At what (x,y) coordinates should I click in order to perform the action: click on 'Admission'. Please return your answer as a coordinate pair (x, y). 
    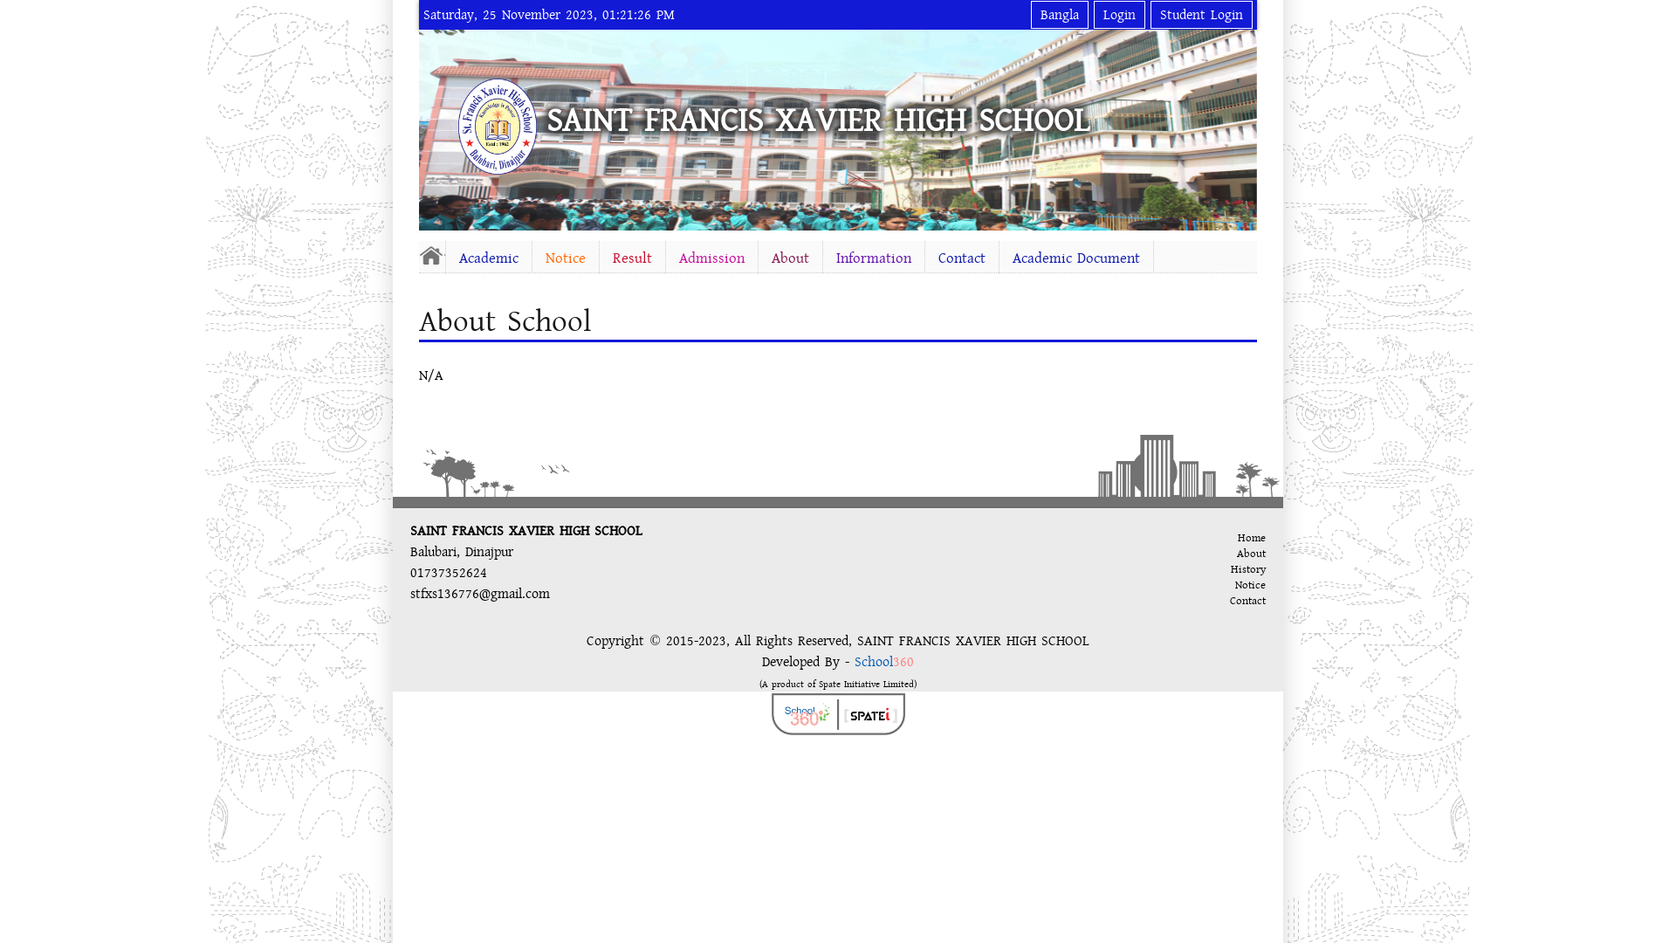
    Looking at the image, I should click on (711, 258).